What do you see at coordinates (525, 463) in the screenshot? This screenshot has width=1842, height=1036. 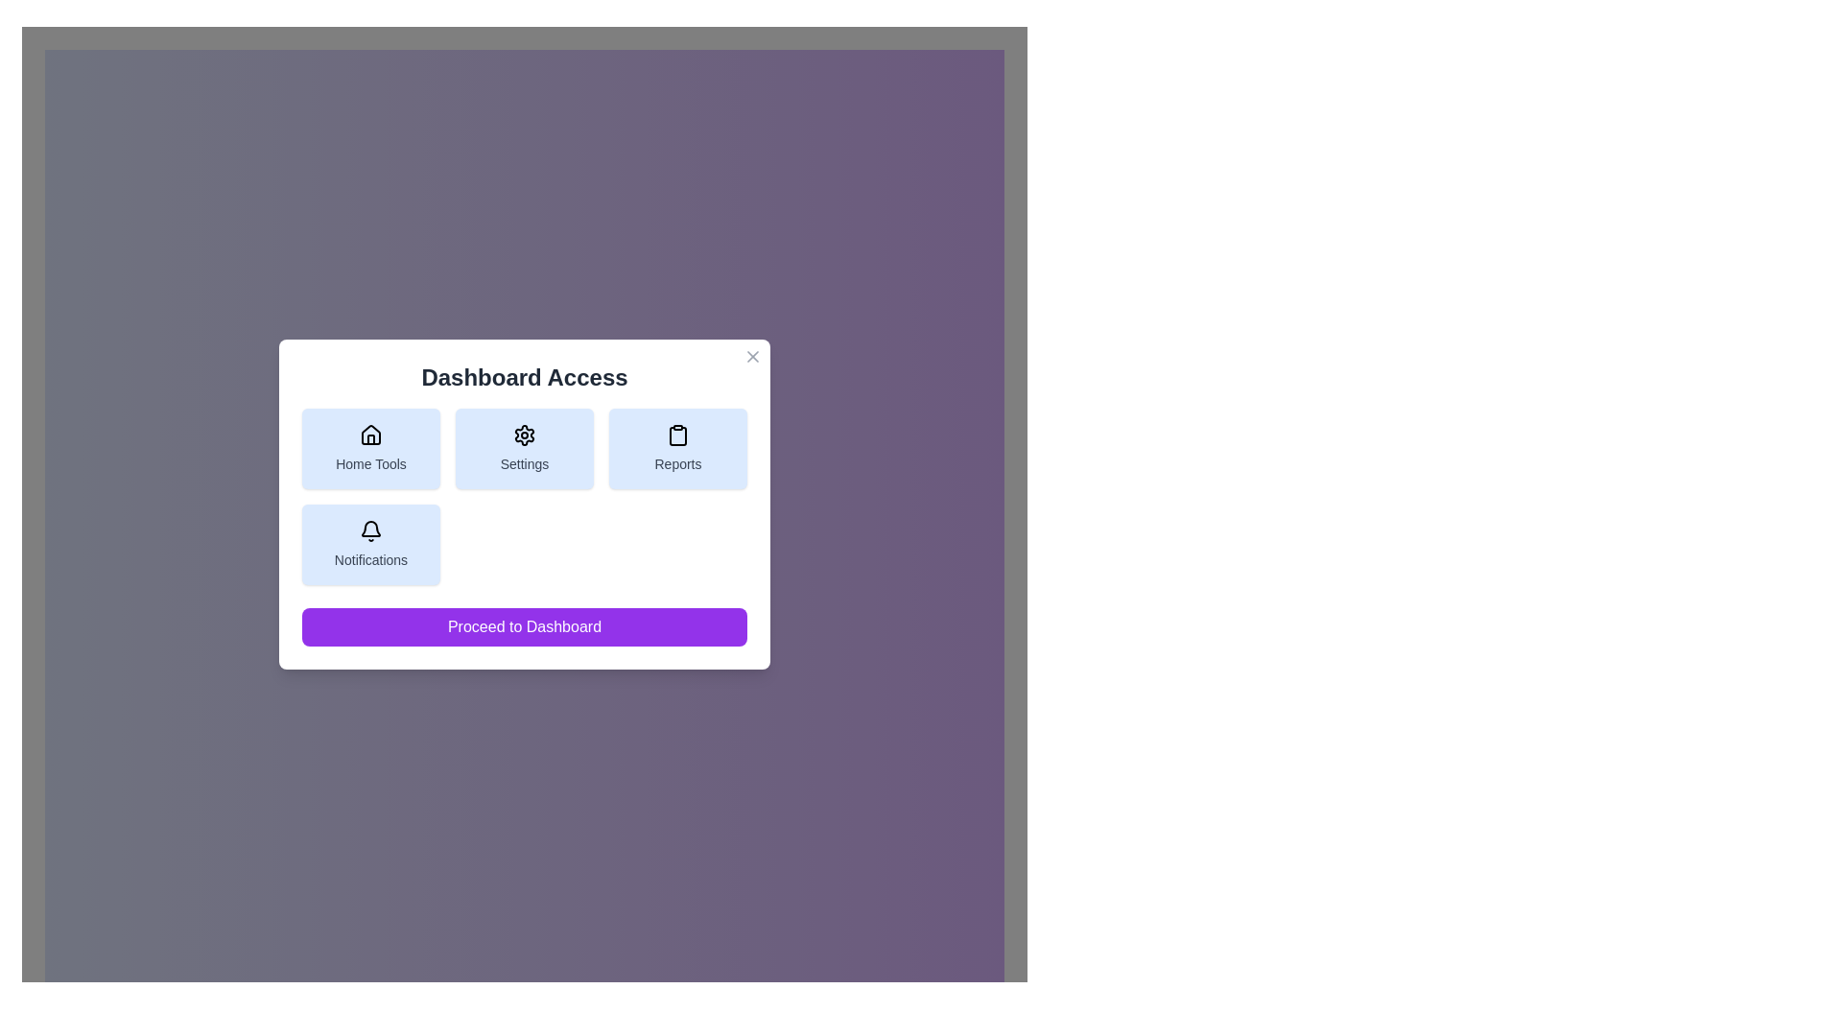 I see `the button containing the Text label that describes settings within the 'Dashboard Access' dialog box` at bounding box center [525, 463].